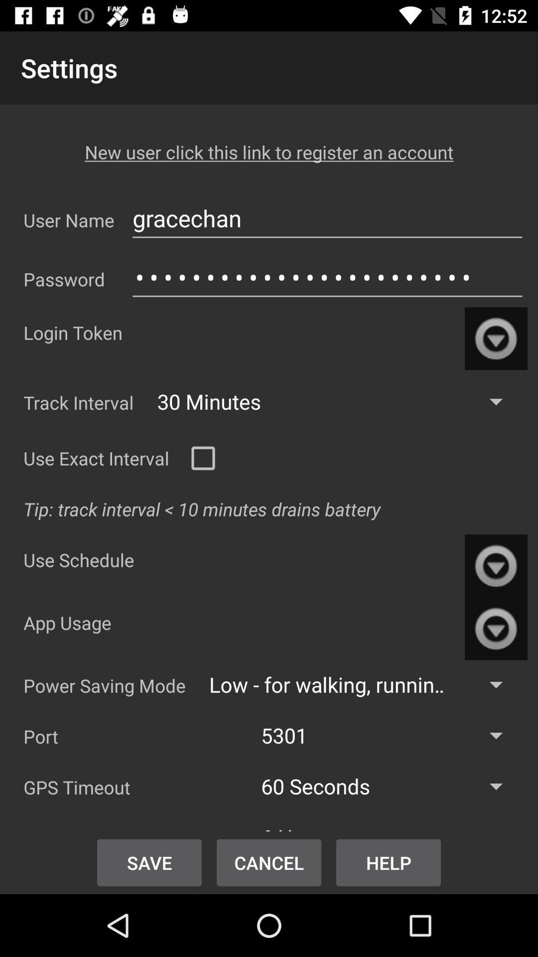 Image resolution: width=538 pixels, height=957 pixels. Describe the element at coordinates (496, 338) in the screenshot. I see `the expand_more icon` at that location.